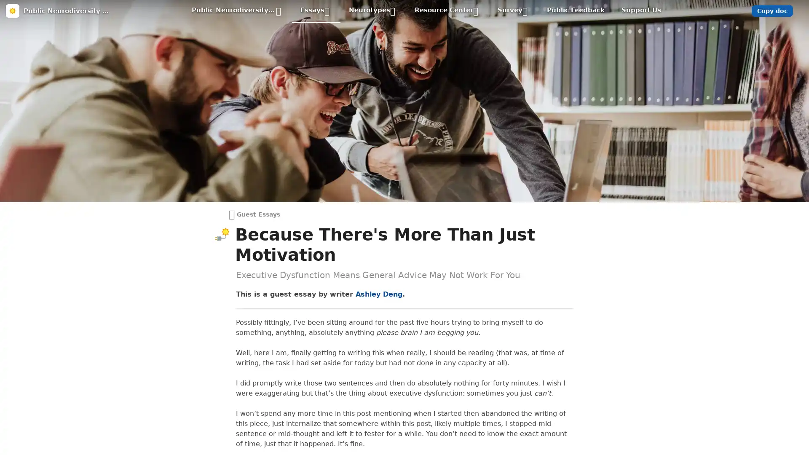  Describe the element at coordinates (404, 48) in the screenshot. I see `Reload doc` at that location.